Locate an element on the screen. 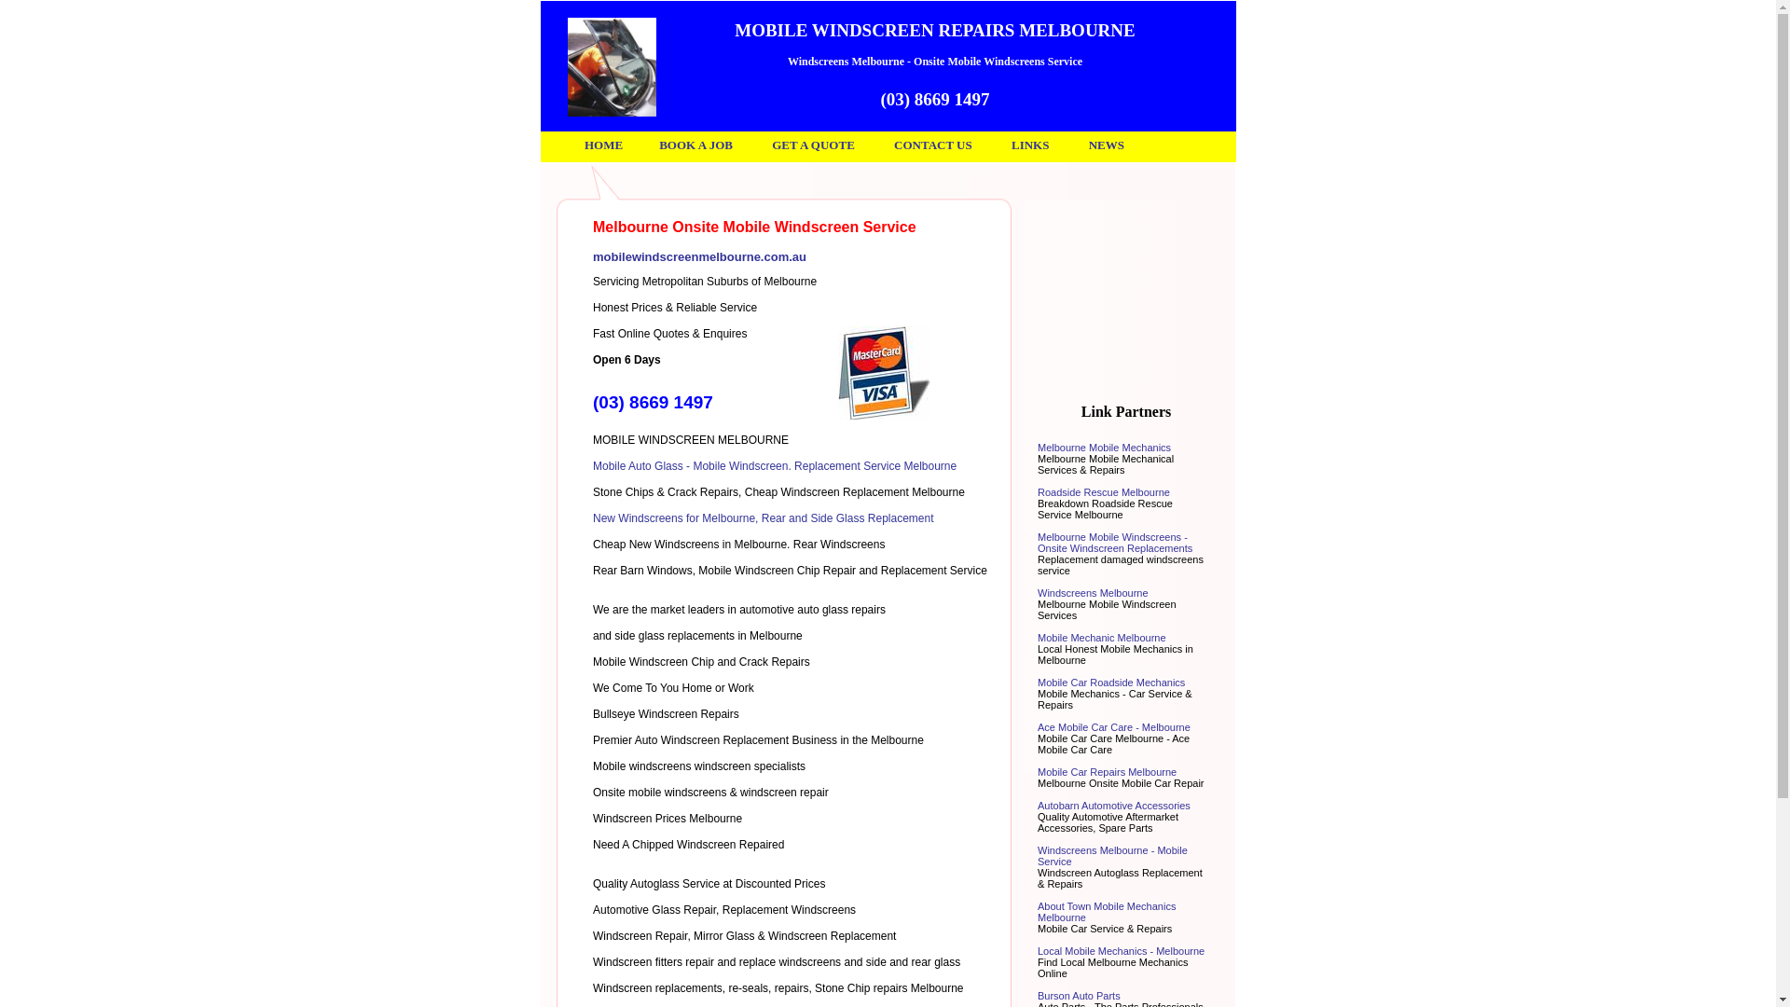 The image size is (1790, 1007). 'mobilewindscreenmelbourne.com.au' is located at coordinates (591, 256).